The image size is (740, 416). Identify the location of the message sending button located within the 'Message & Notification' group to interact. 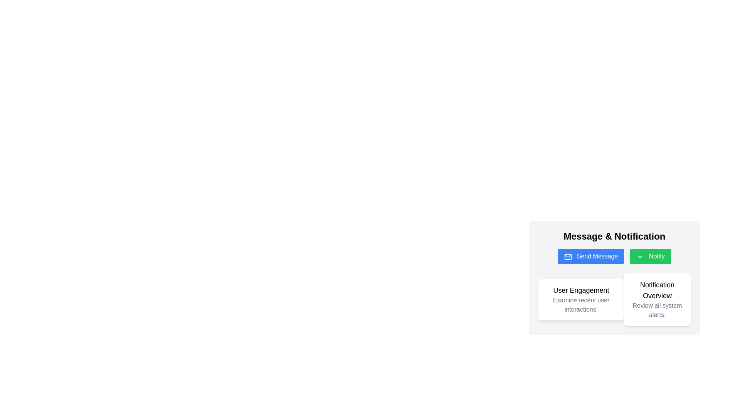
(590, 257).